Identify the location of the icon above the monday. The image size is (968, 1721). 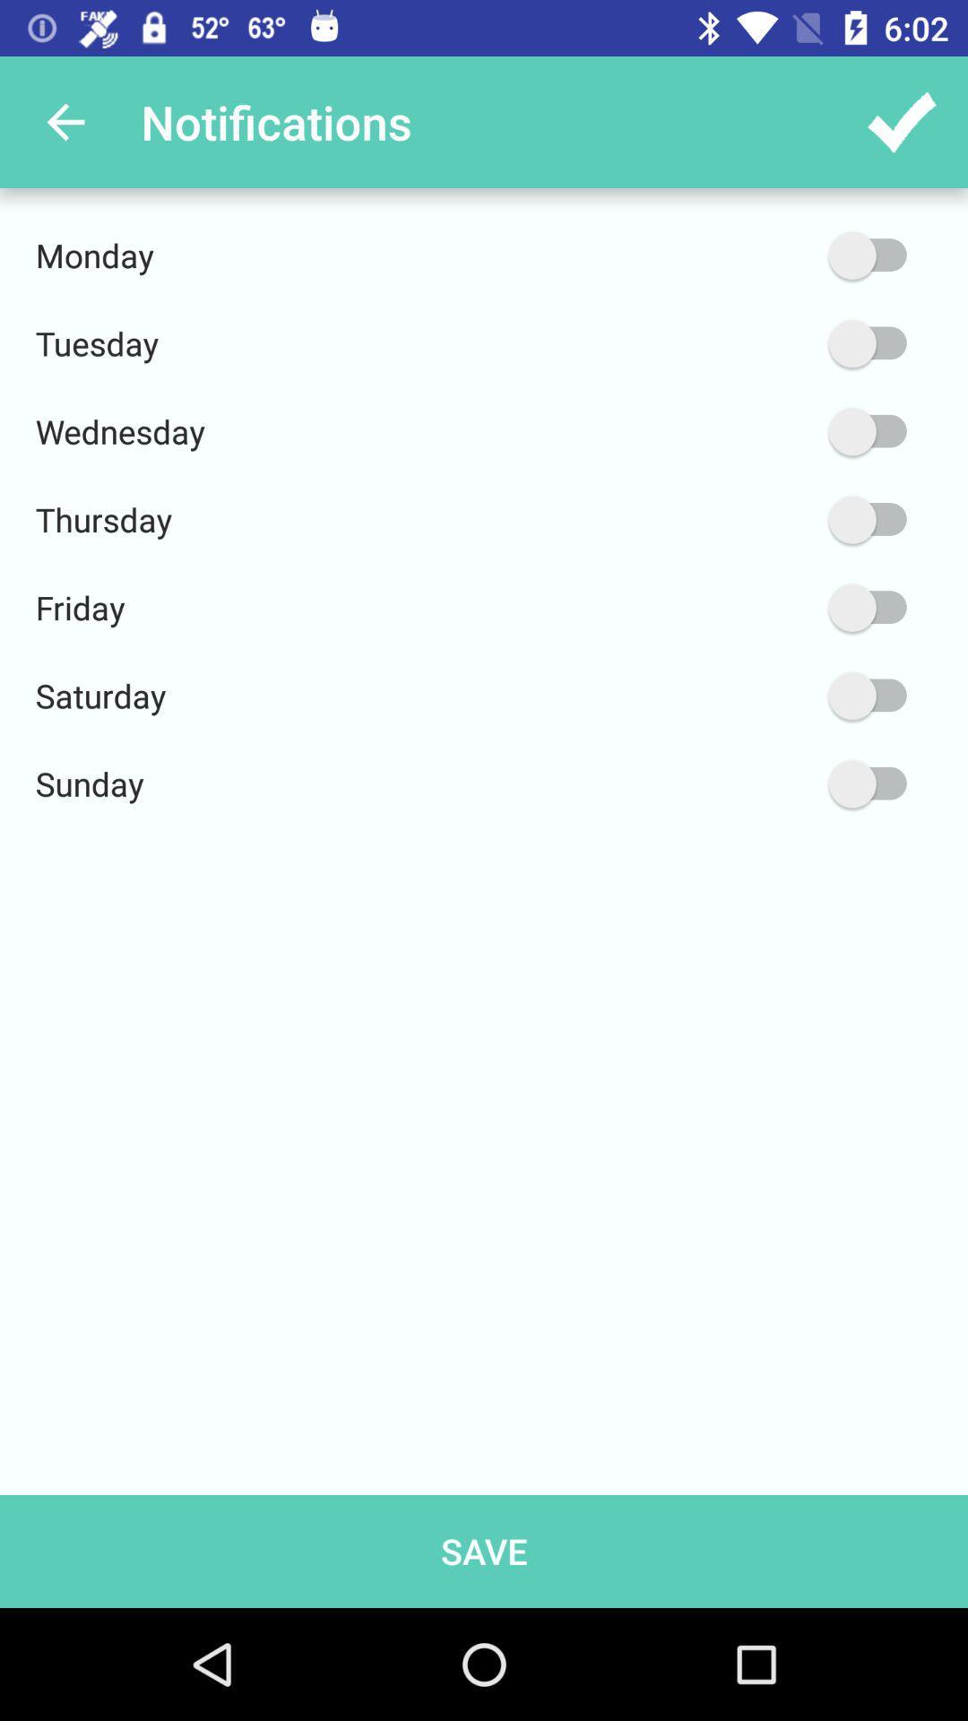
(65, 121).